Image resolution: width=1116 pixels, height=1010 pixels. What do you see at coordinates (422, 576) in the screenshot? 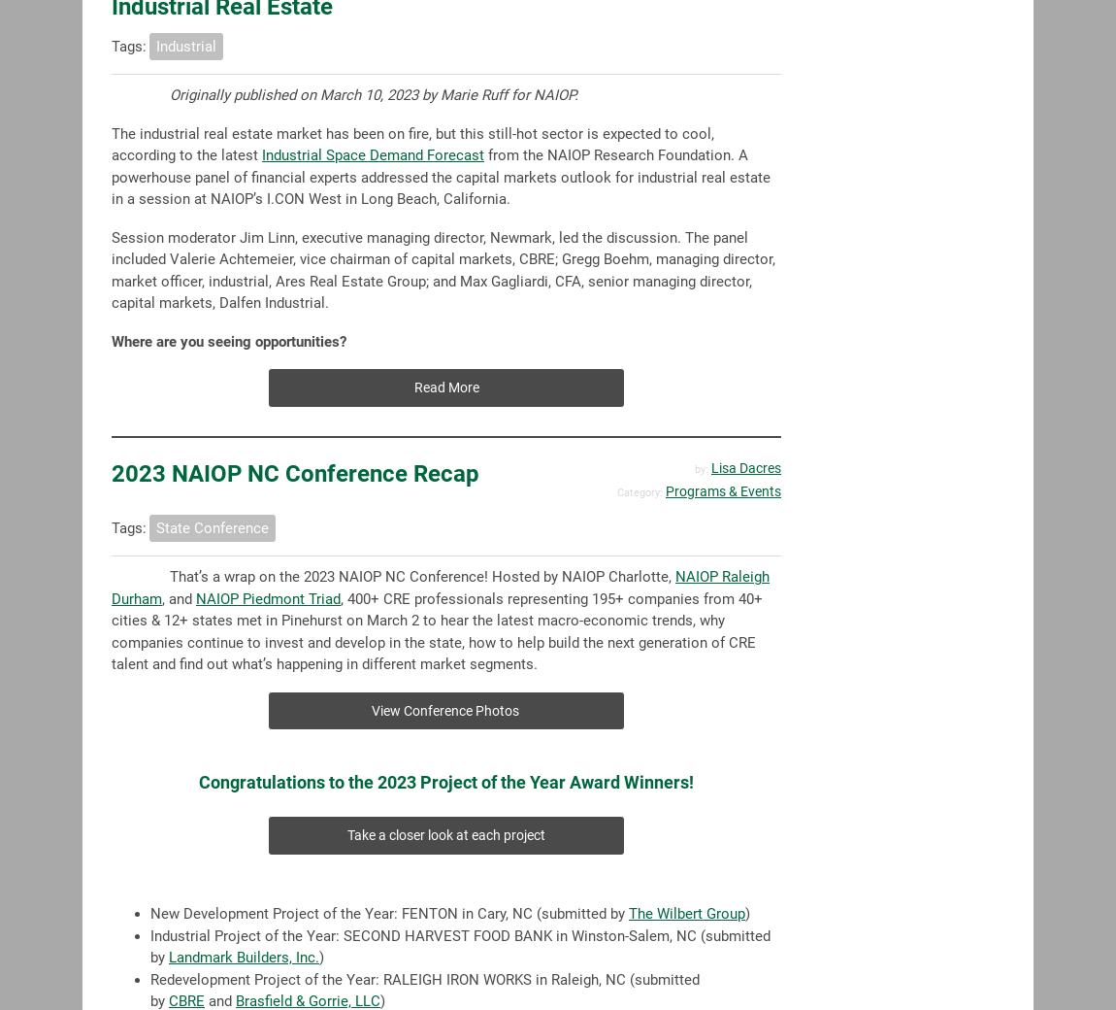
I see `'That’s a wrap on the 2023 NAIOP NC Conference! Hosted by NAIOP Charlotte,'` at bounding box center [422, 576].